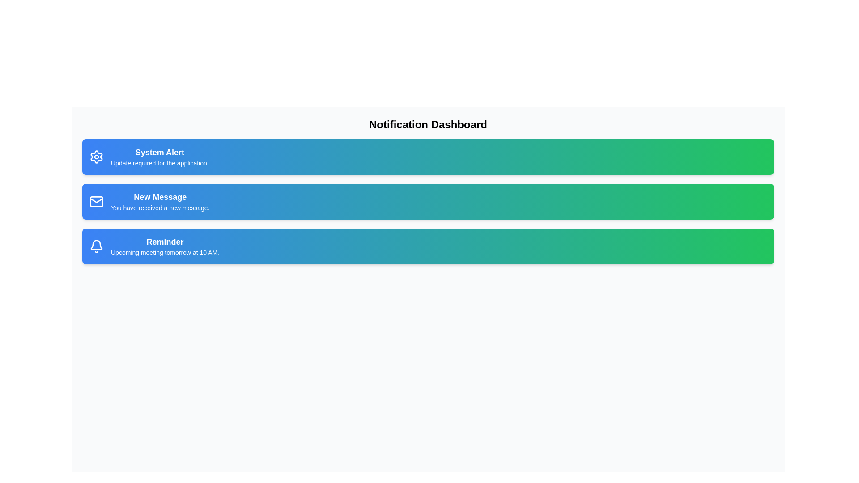 Image resolution: width=859 pixels, height=483 pixels. Describe the element at coordinates (160, 152) in the screenshot. I see `the title of the notification card labeled 'System Alert'` at that location.